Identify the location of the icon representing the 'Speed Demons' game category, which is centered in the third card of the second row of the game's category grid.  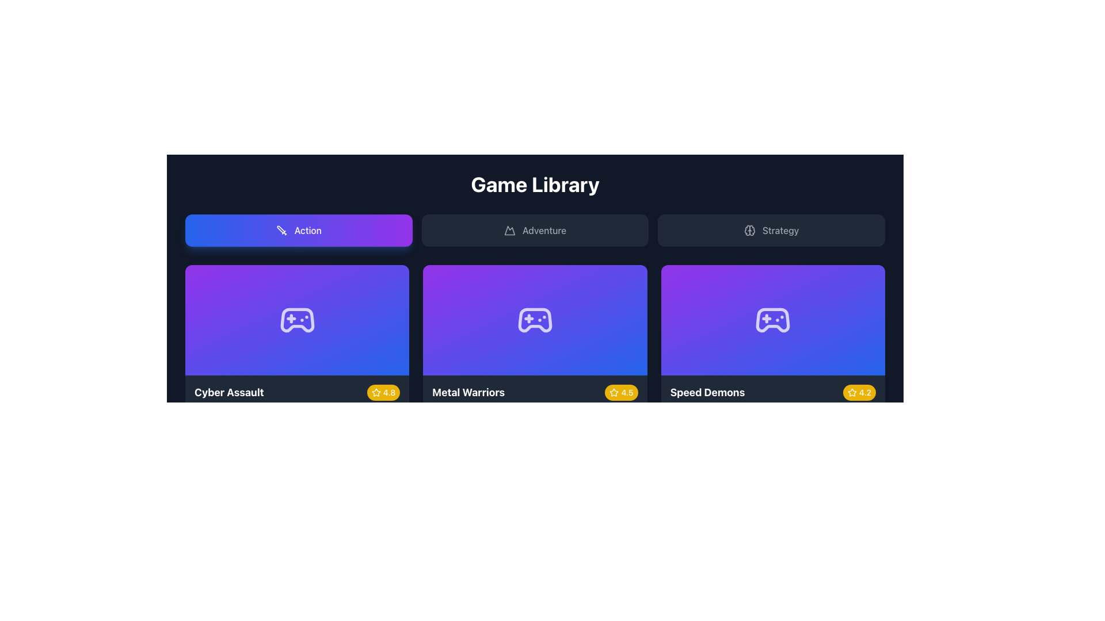
(773, 320).